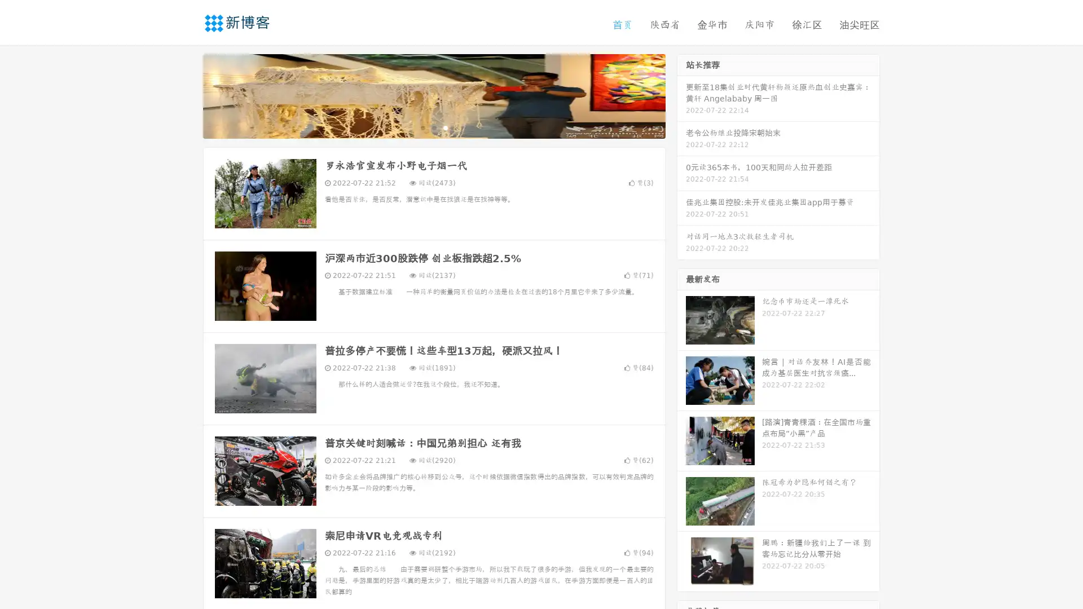  Describe the element at coordinates (445, 127) in the screenshot. I see `Go to slide 3` at that location.